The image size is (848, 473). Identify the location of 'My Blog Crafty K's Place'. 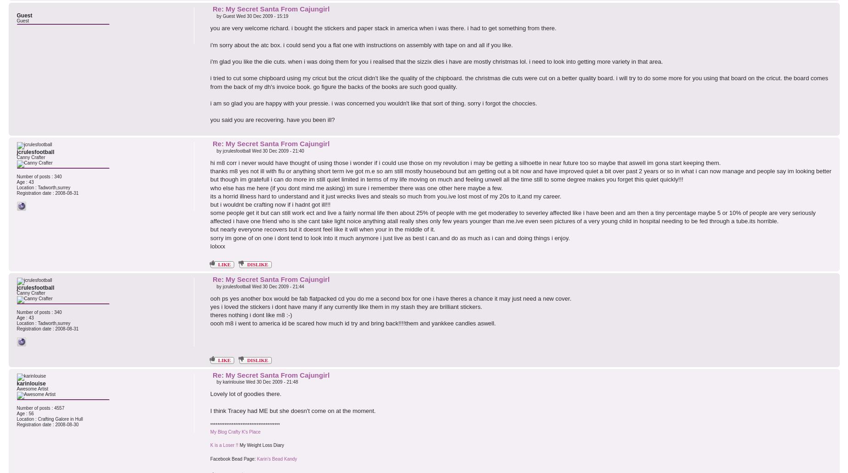
(235, 431).